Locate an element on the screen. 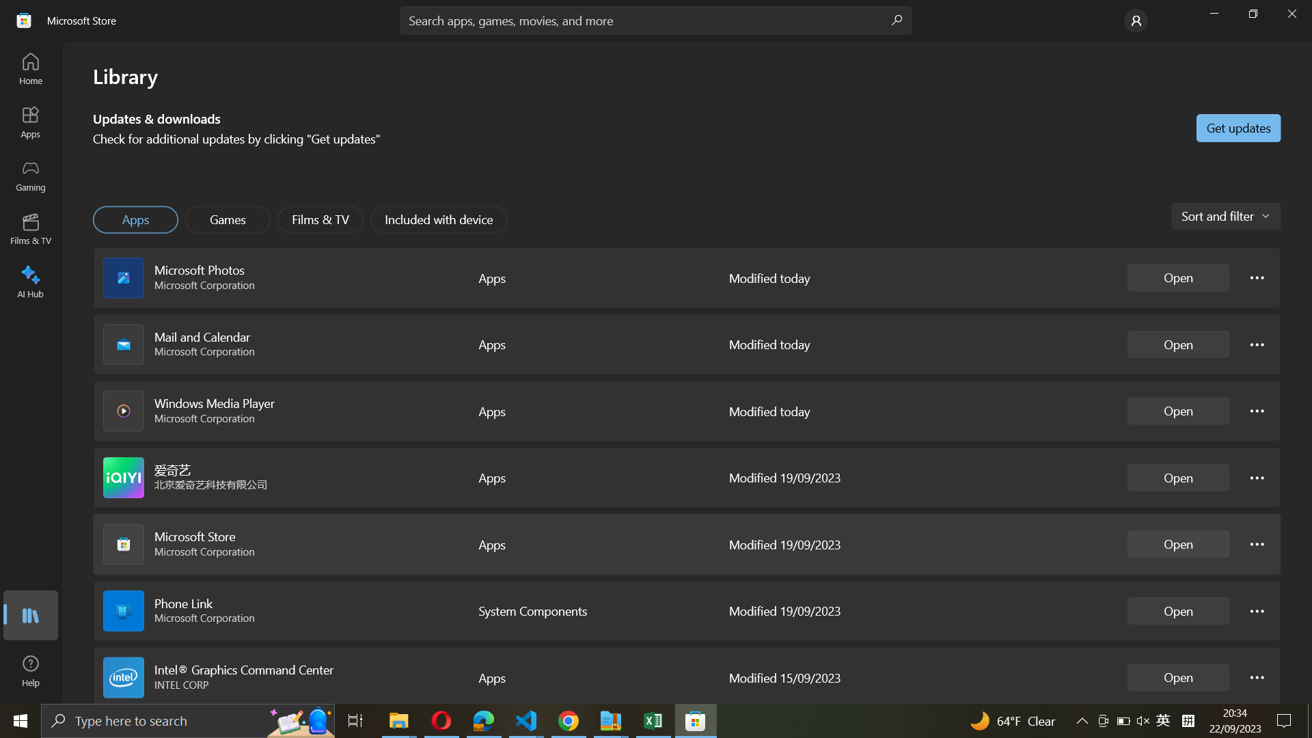  AI Hub is located at coordinates (31, 279).